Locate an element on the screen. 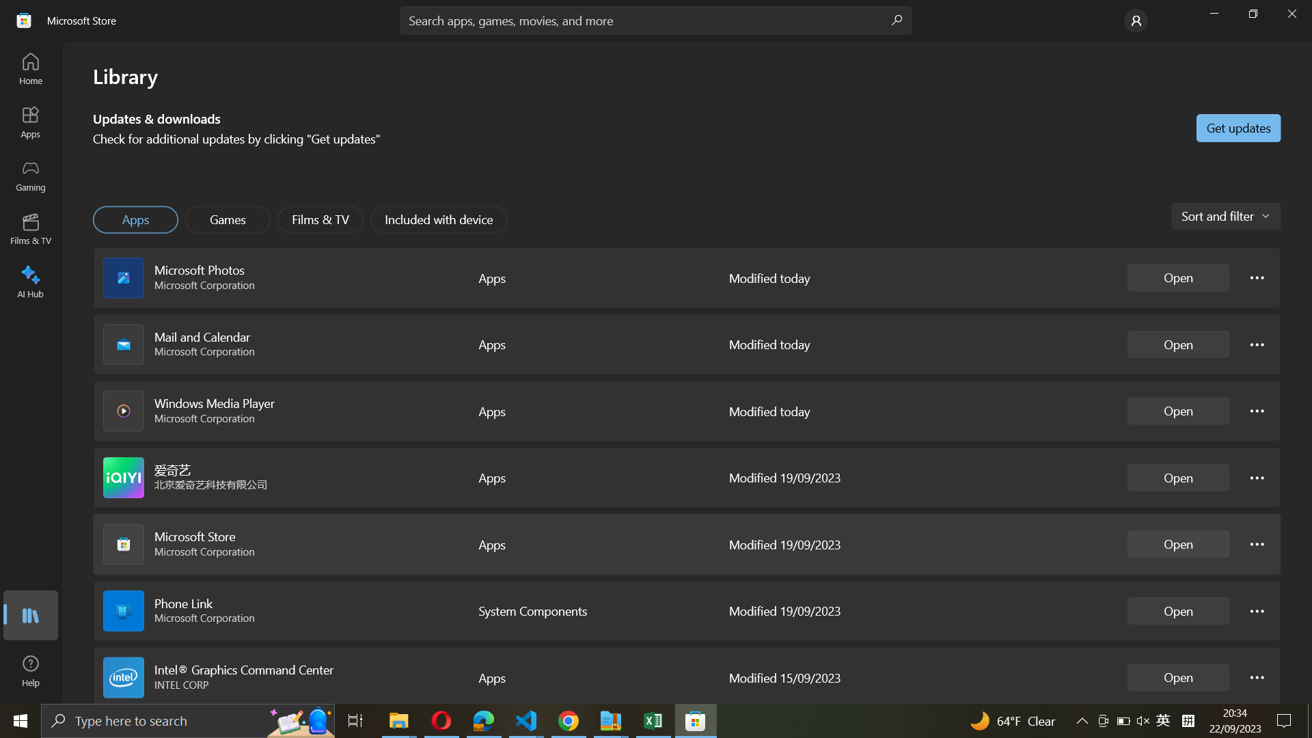  AI Hub is located at coordinates (31, 279).